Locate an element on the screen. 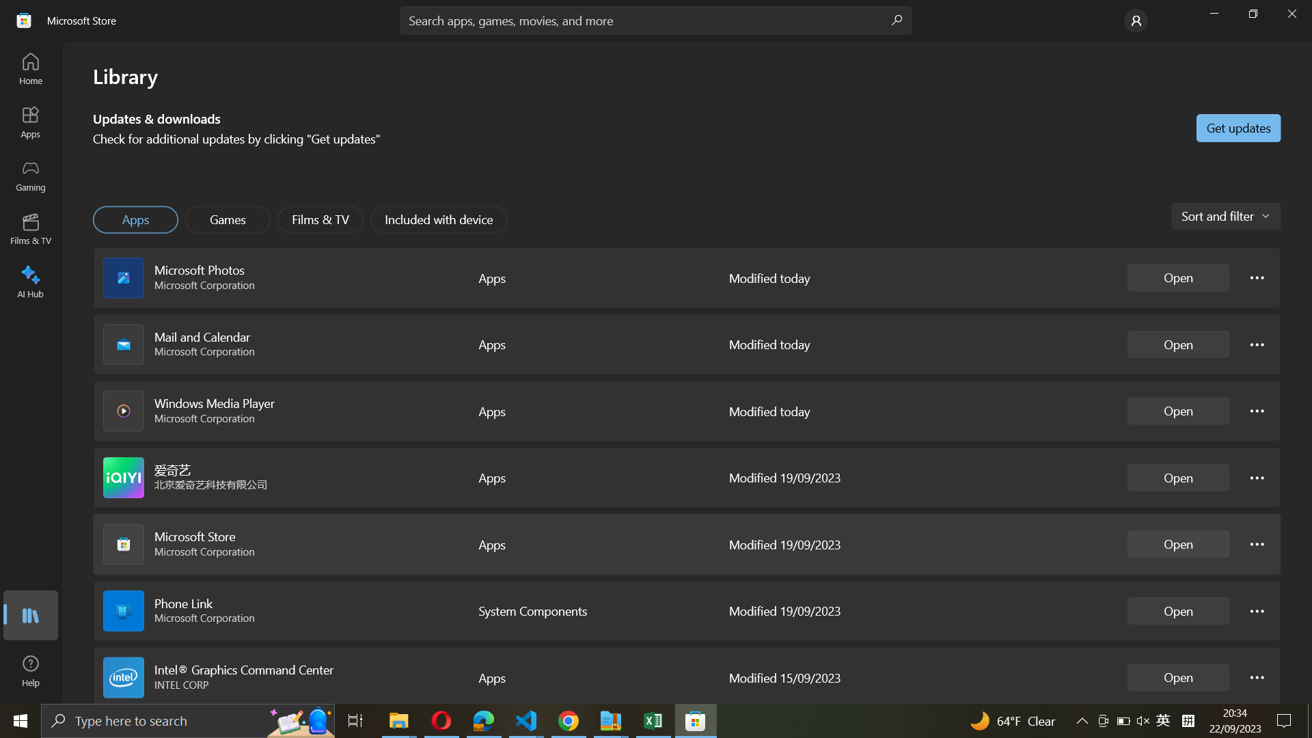  AI Hub is located at coordinates (31, 279).